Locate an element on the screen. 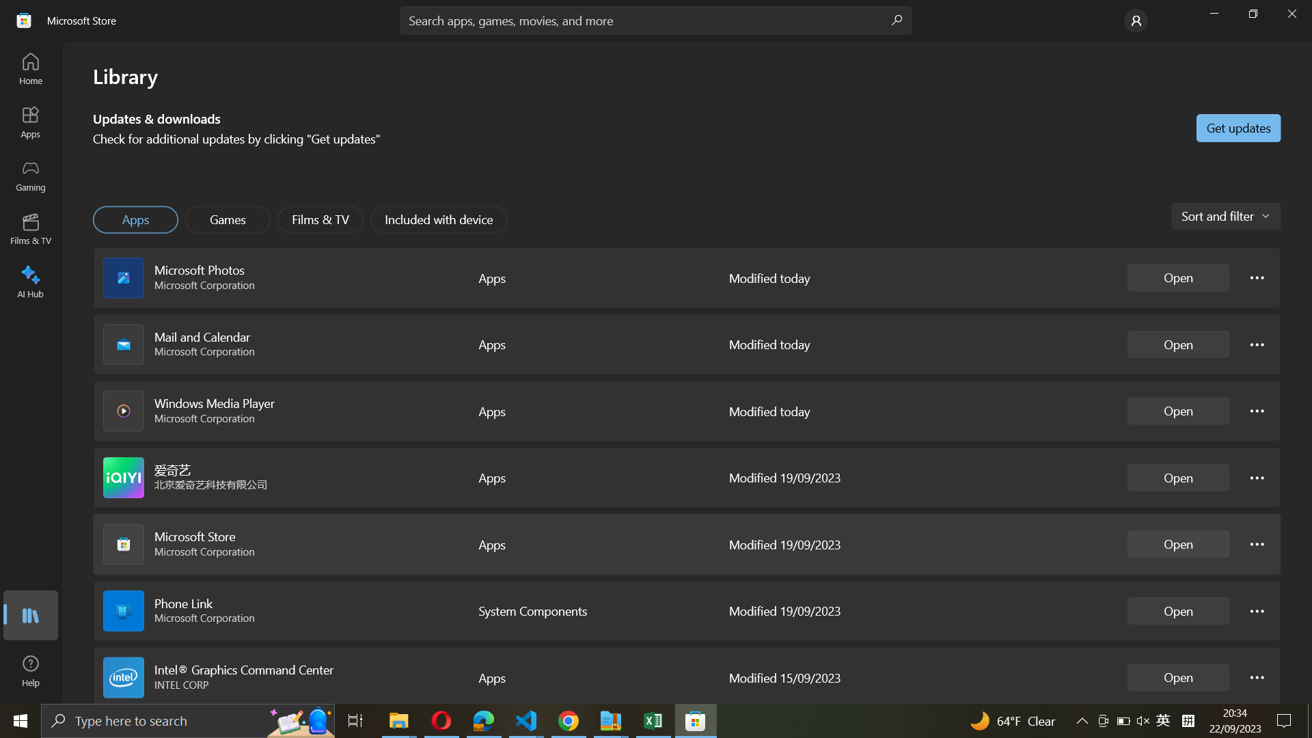  AI Hub is located at coordinates (31, 279).